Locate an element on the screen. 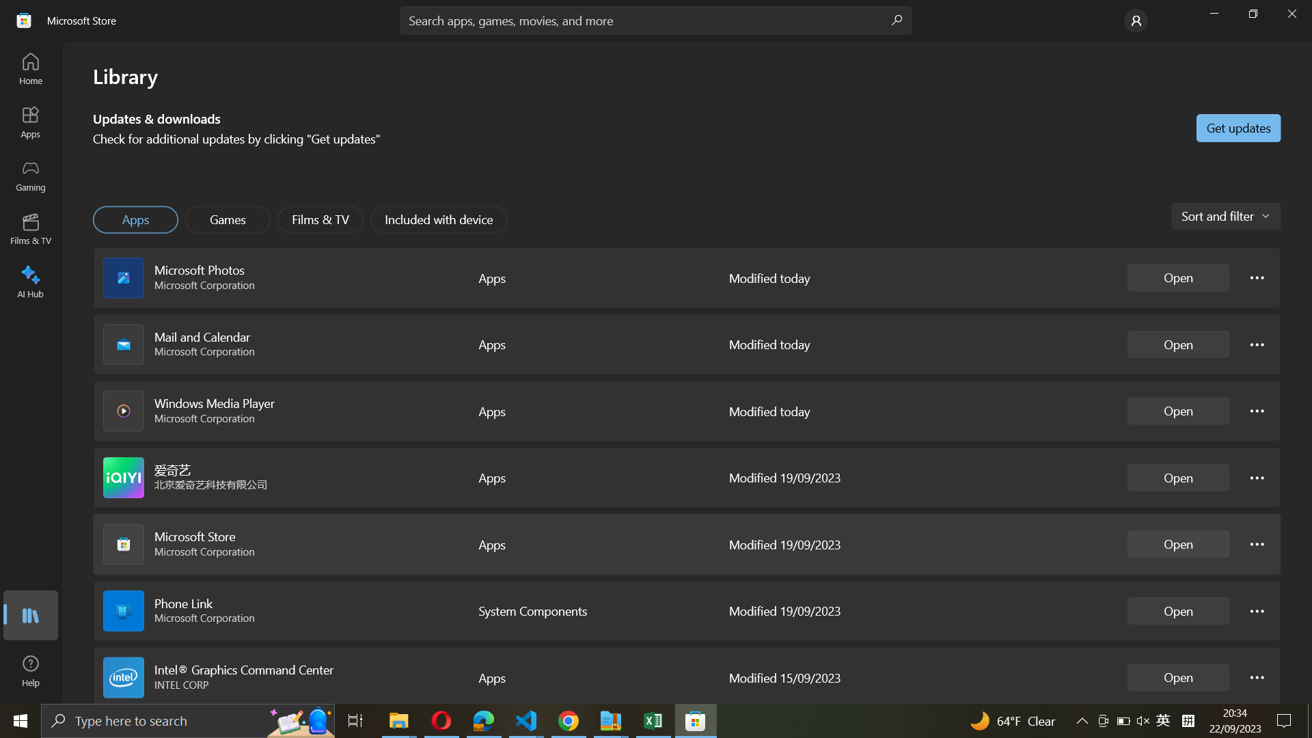  AI Hub is located at coordinates (31, 279).